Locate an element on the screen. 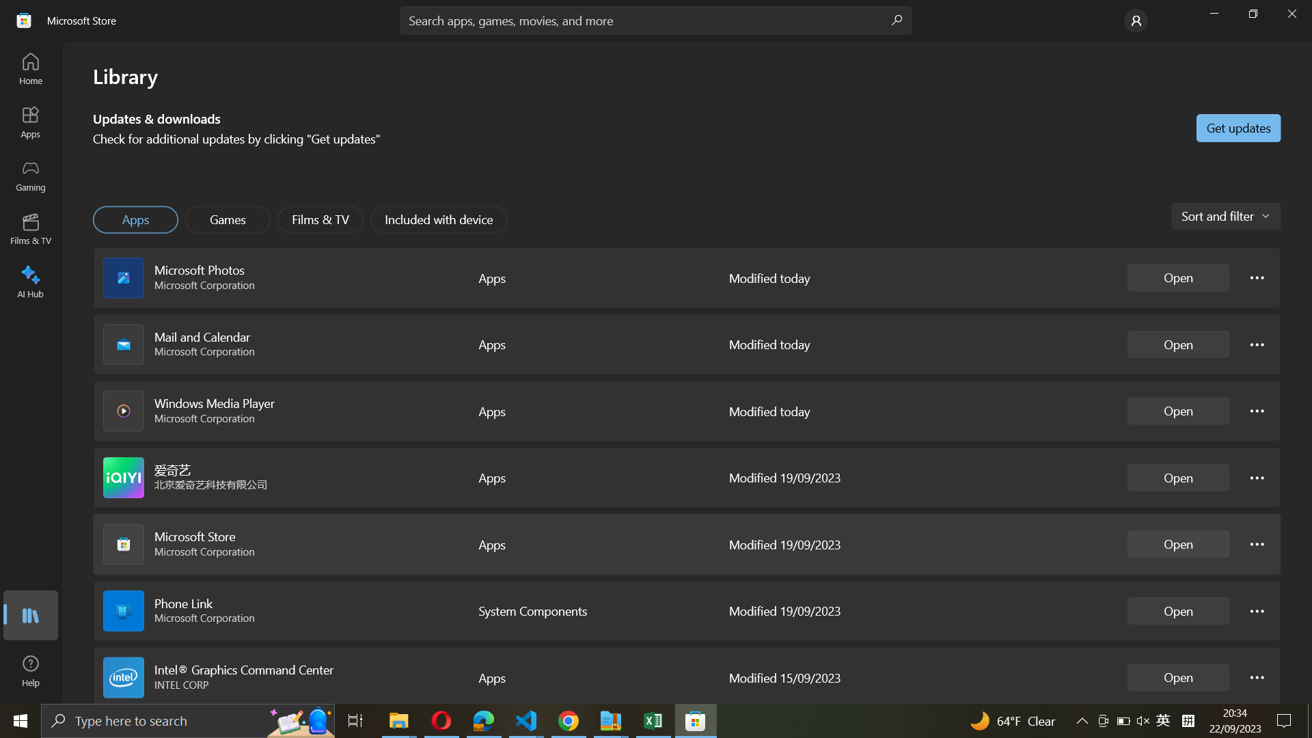  AI Hub is located at coordinates (31, 279).